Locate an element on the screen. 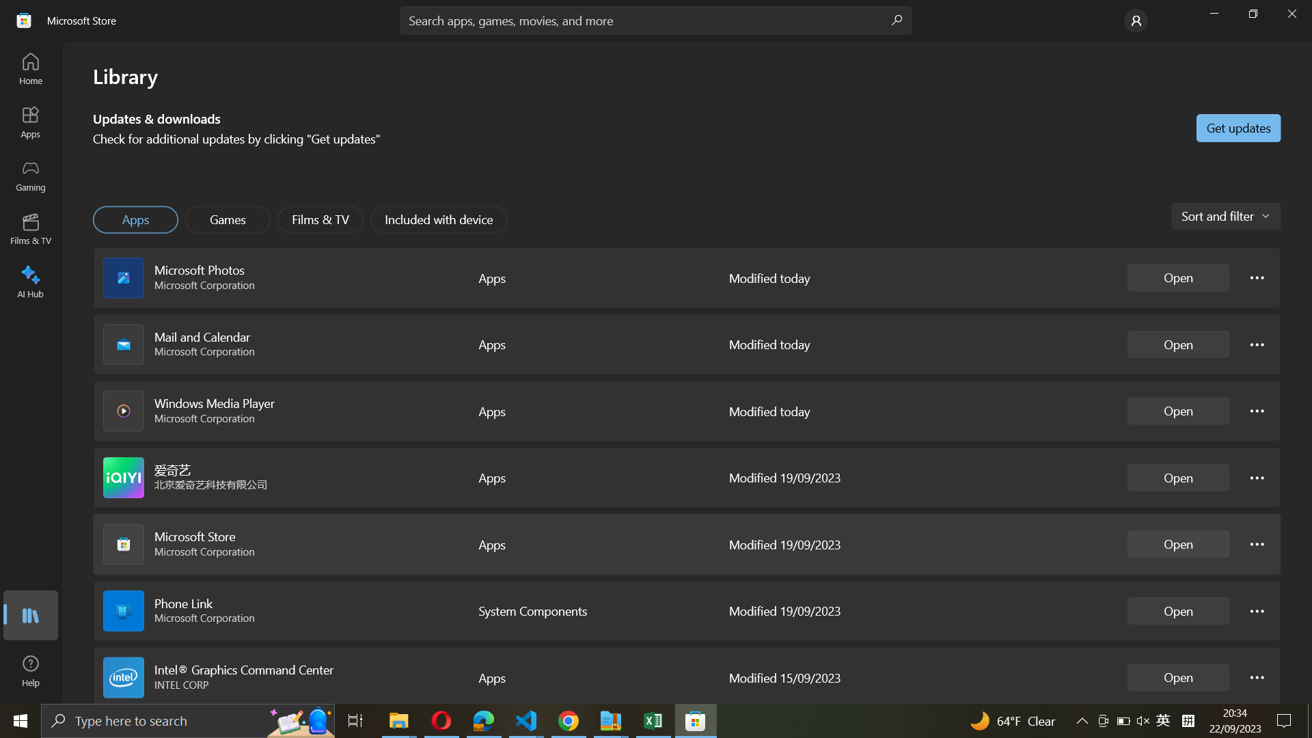  AI Hub is located at coordinates (31, 279).